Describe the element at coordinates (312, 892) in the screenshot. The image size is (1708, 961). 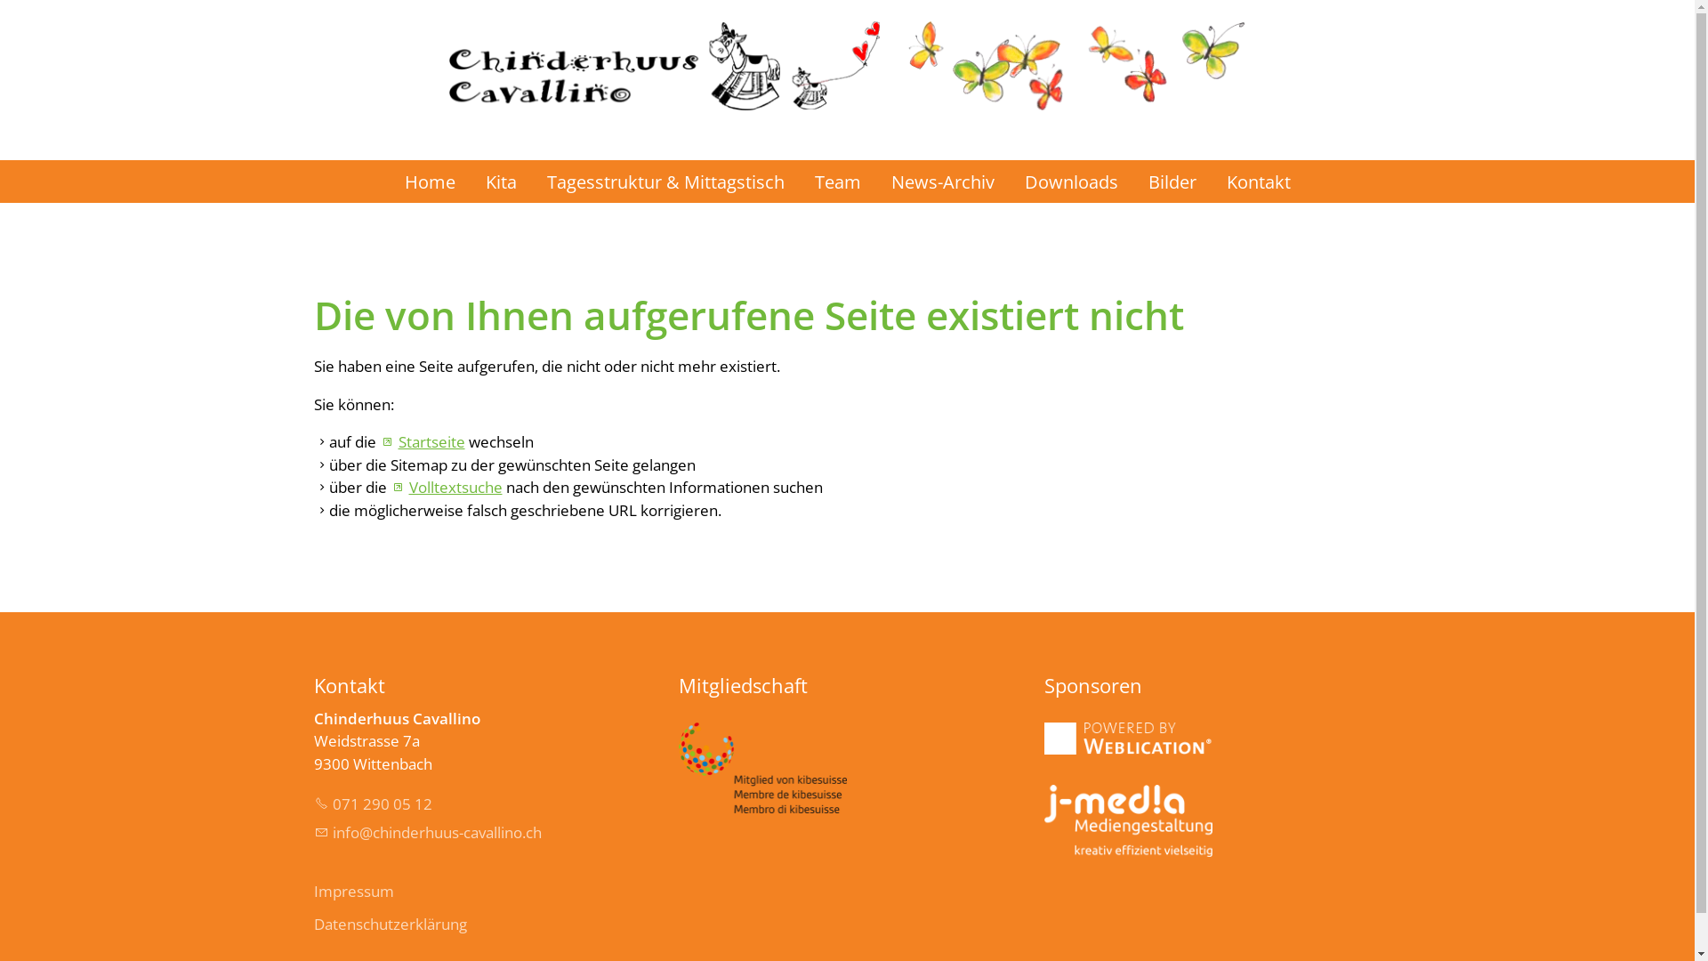
I see `'Impressum'` at that location.